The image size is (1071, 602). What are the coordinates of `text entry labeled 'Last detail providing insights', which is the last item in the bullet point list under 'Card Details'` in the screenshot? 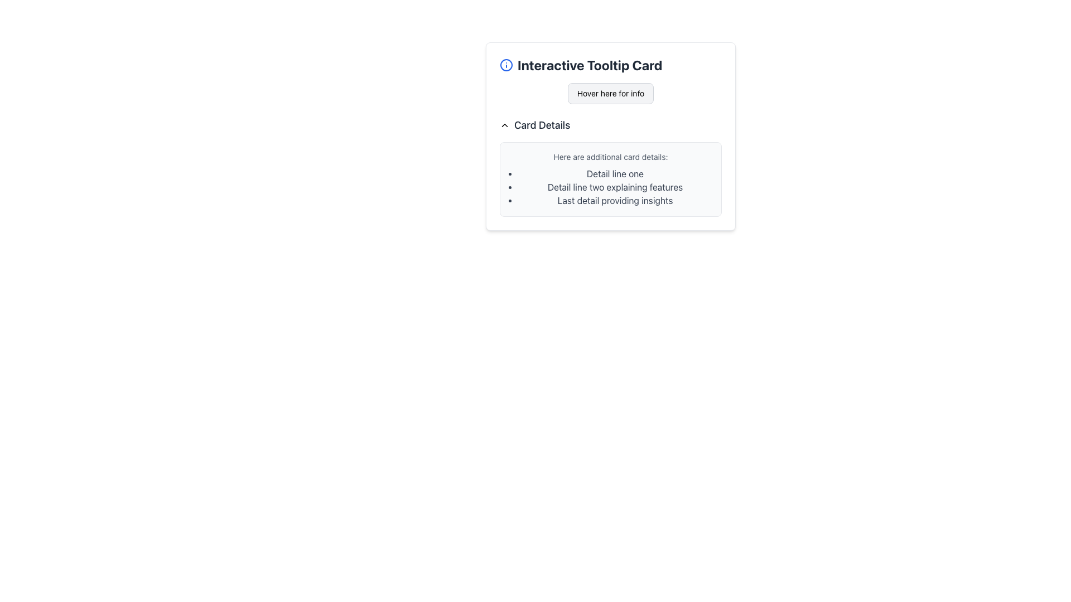 It's located at (615, 200).